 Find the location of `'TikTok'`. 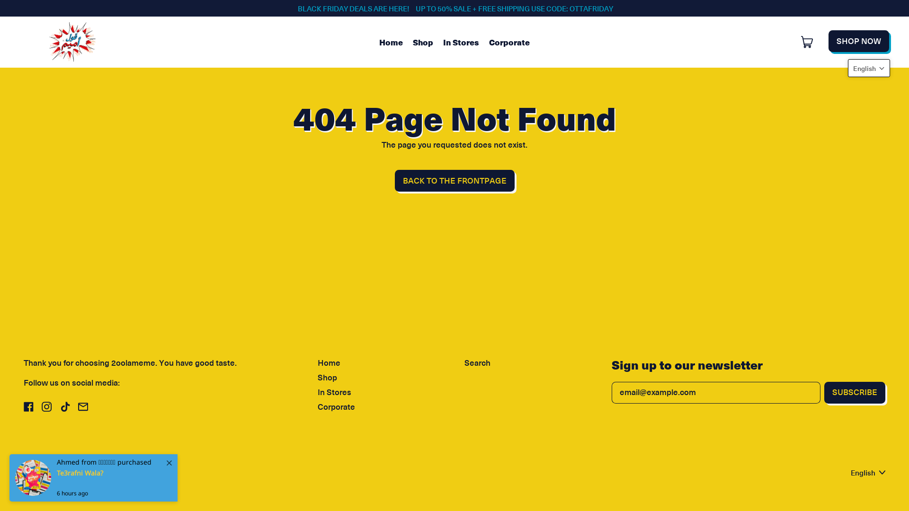

'TikTok' is located at coordinates (64, 408).